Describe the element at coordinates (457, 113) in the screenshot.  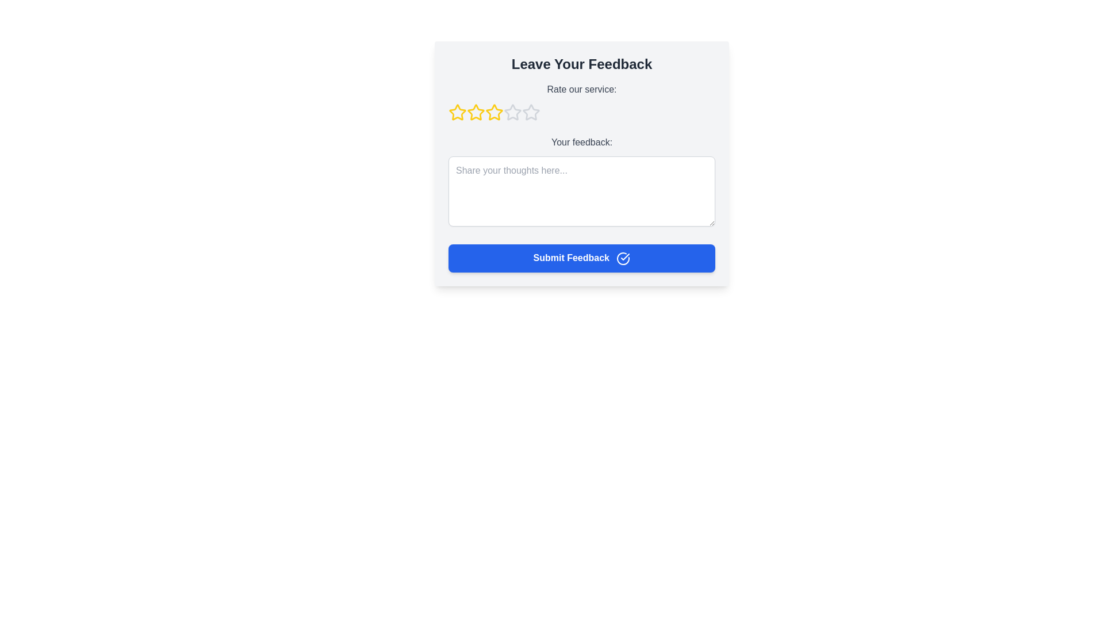
I see `the first yellow star icon in the feedback interface` at that location.